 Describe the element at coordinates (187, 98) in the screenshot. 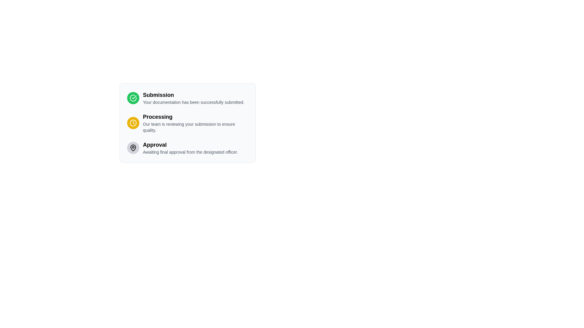

I see `success message displayed by the text with a green circular icon containing a white checkmark, indicating that the documentation has been successfully submitted` at that location.